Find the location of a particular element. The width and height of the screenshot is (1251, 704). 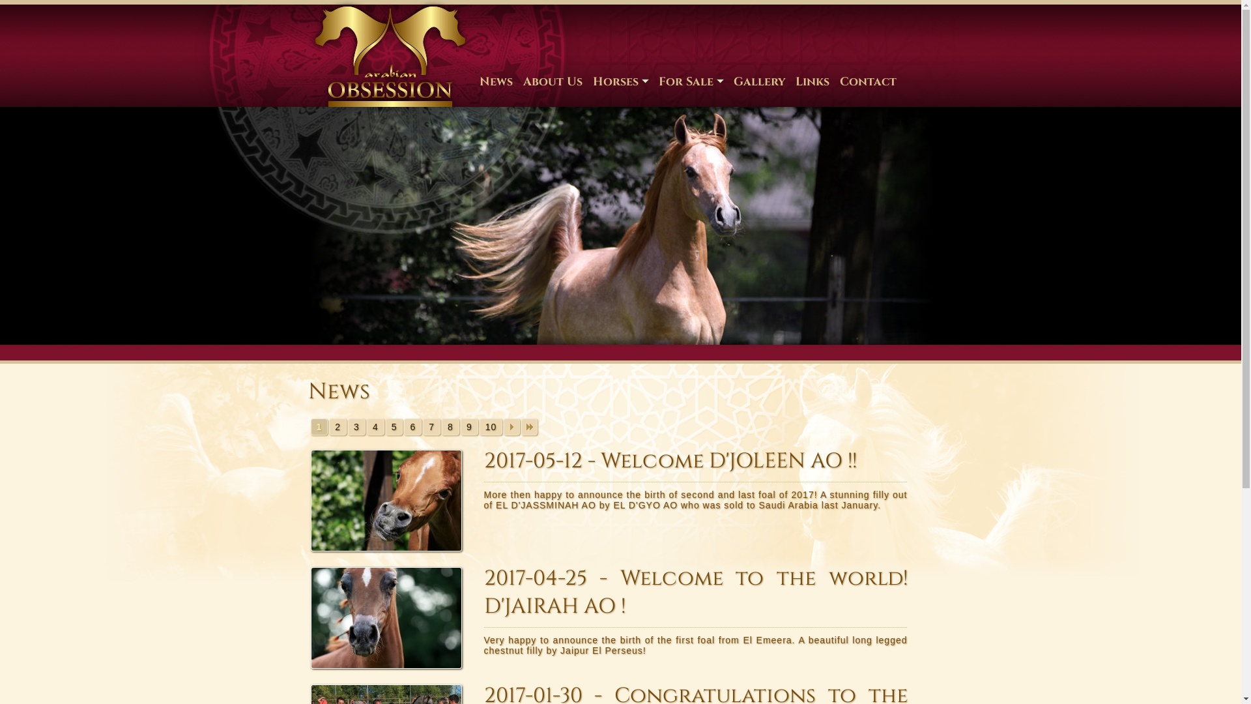

'Welcome D'JOLEEN AO !!' is located at coordinates (391, 499).